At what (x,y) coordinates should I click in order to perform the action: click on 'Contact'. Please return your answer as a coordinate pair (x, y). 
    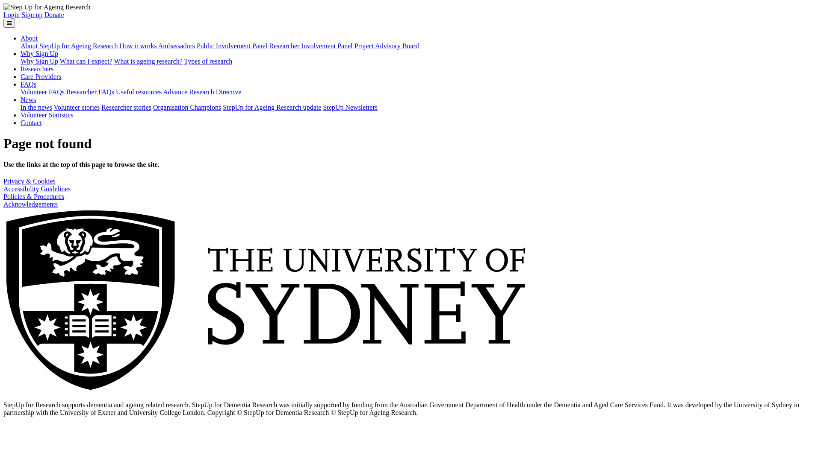
    Looking at the image, I should click on (31, 123).